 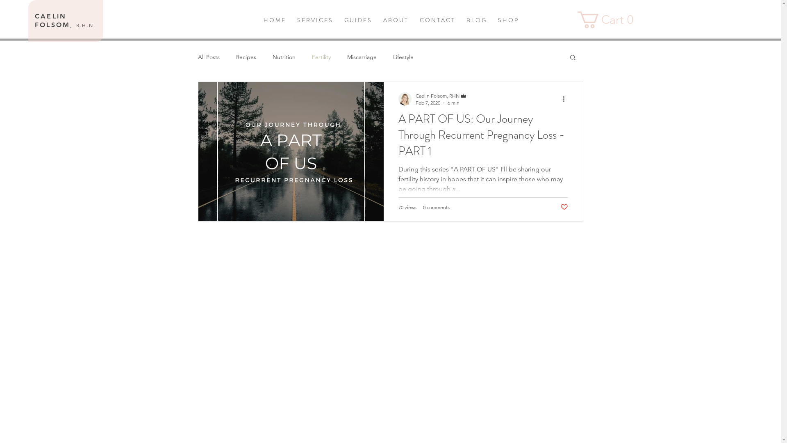 What do you see at coordinates (257, 20) in the screenshot?
I see `'H O M E'` at bounding box center [257, 20].